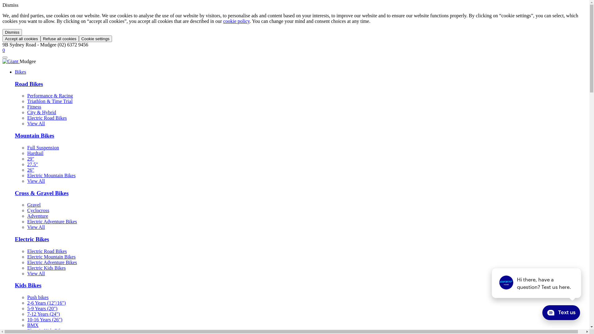  I want to click on 'Cyclocross', so click(38, 210).